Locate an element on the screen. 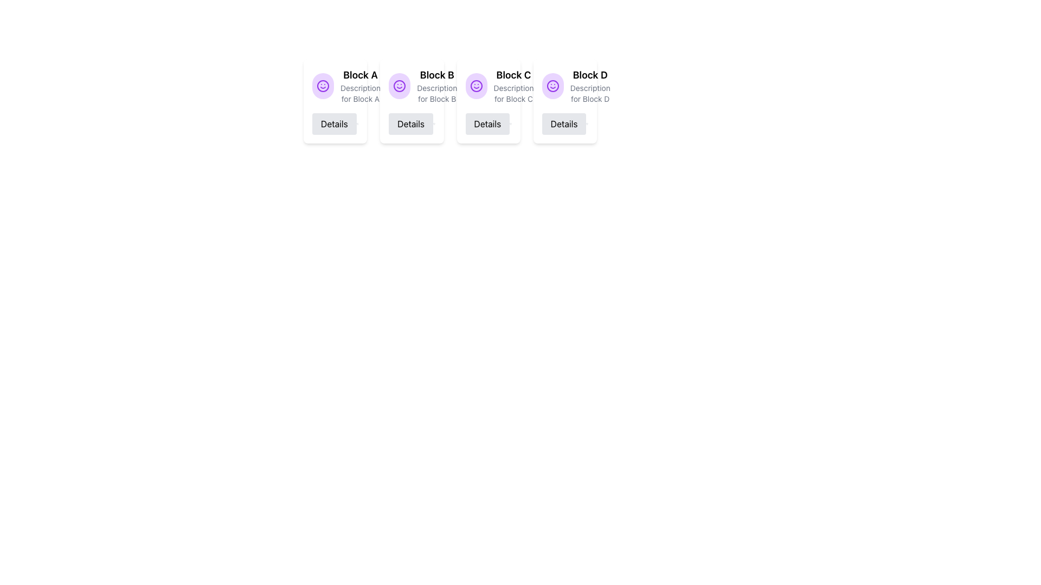 Image resolution: width=1041 pixels, height=585 pixels. the smiley icon representing 'Block A' in the user interface, which is located within the card for 'Block A', above the text and to the left of the 'Details' button is located at coordinates (322, 85).